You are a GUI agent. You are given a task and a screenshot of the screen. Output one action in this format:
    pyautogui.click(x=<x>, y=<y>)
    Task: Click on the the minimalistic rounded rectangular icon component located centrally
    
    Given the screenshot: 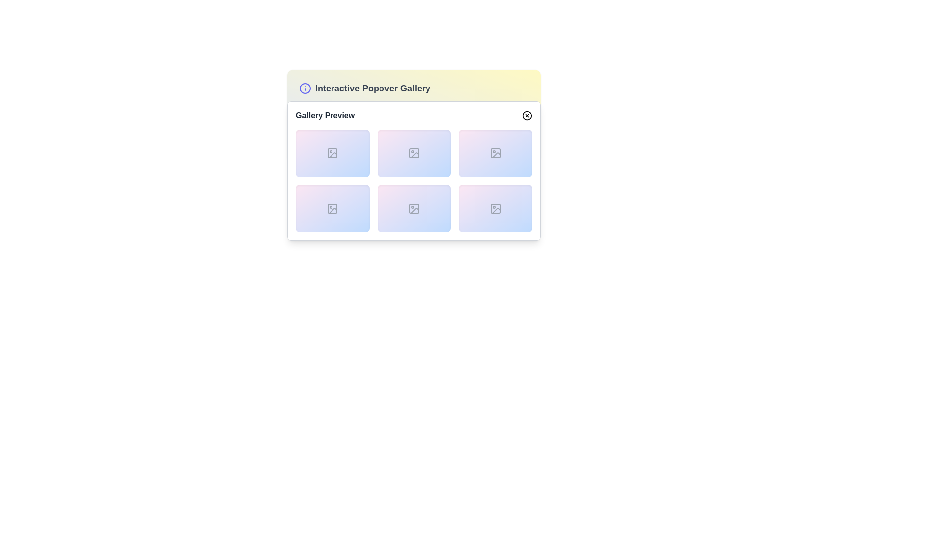 What is the action you would take?
    pyautogui.click(x=332, y=153)
    